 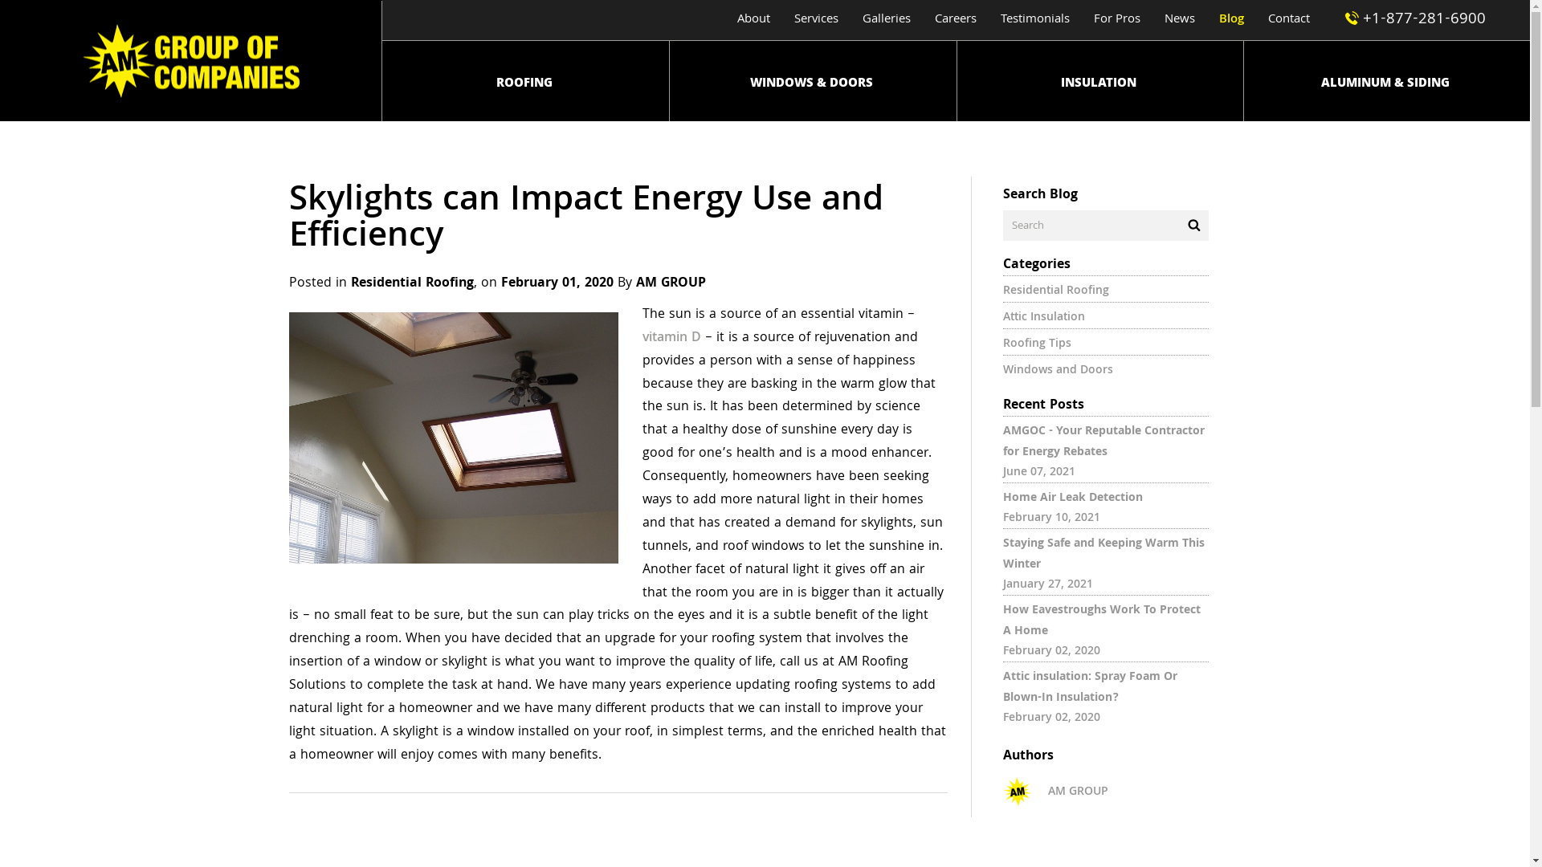 What do you see at coordinates (1116, 19) in the screenshot?
I see `'For Pros'` at bounding box center [1116, 19].